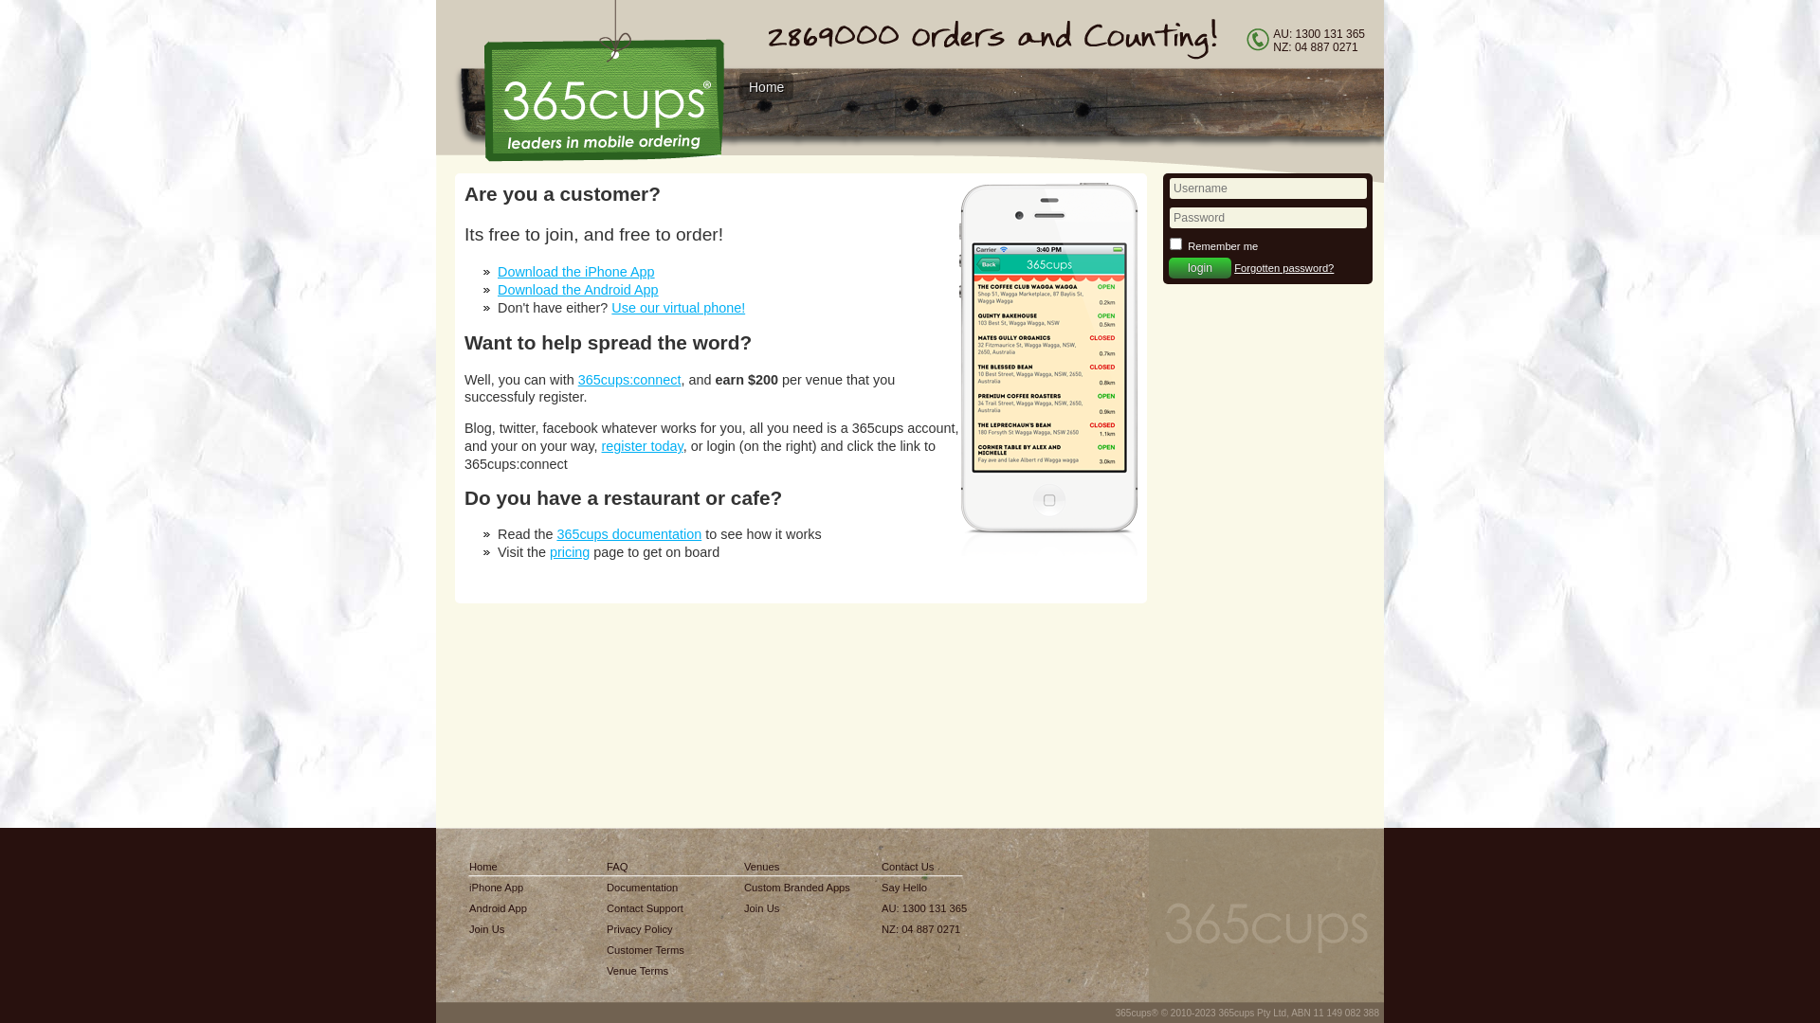 This screenshot has width=1820, height=1023. Describe the element at coordinates (923, 907) in the screenshot. I see `'AU: 1300 131 365'` at that location.